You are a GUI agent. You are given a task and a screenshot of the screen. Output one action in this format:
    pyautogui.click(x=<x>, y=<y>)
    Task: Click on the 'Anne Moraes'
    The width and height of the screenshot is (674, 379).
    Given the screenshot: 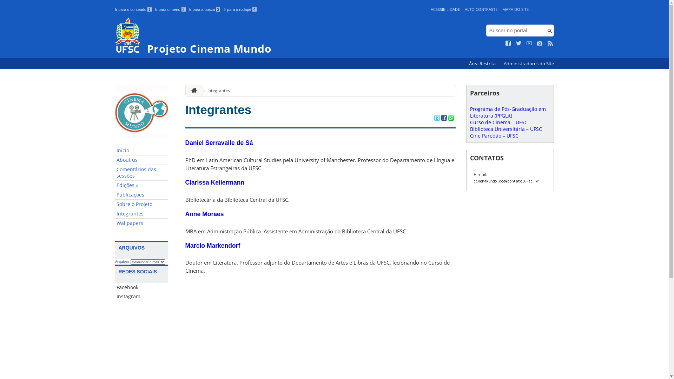 What is the action you would take?
    pyautogui.click(x=204, y=213)
    